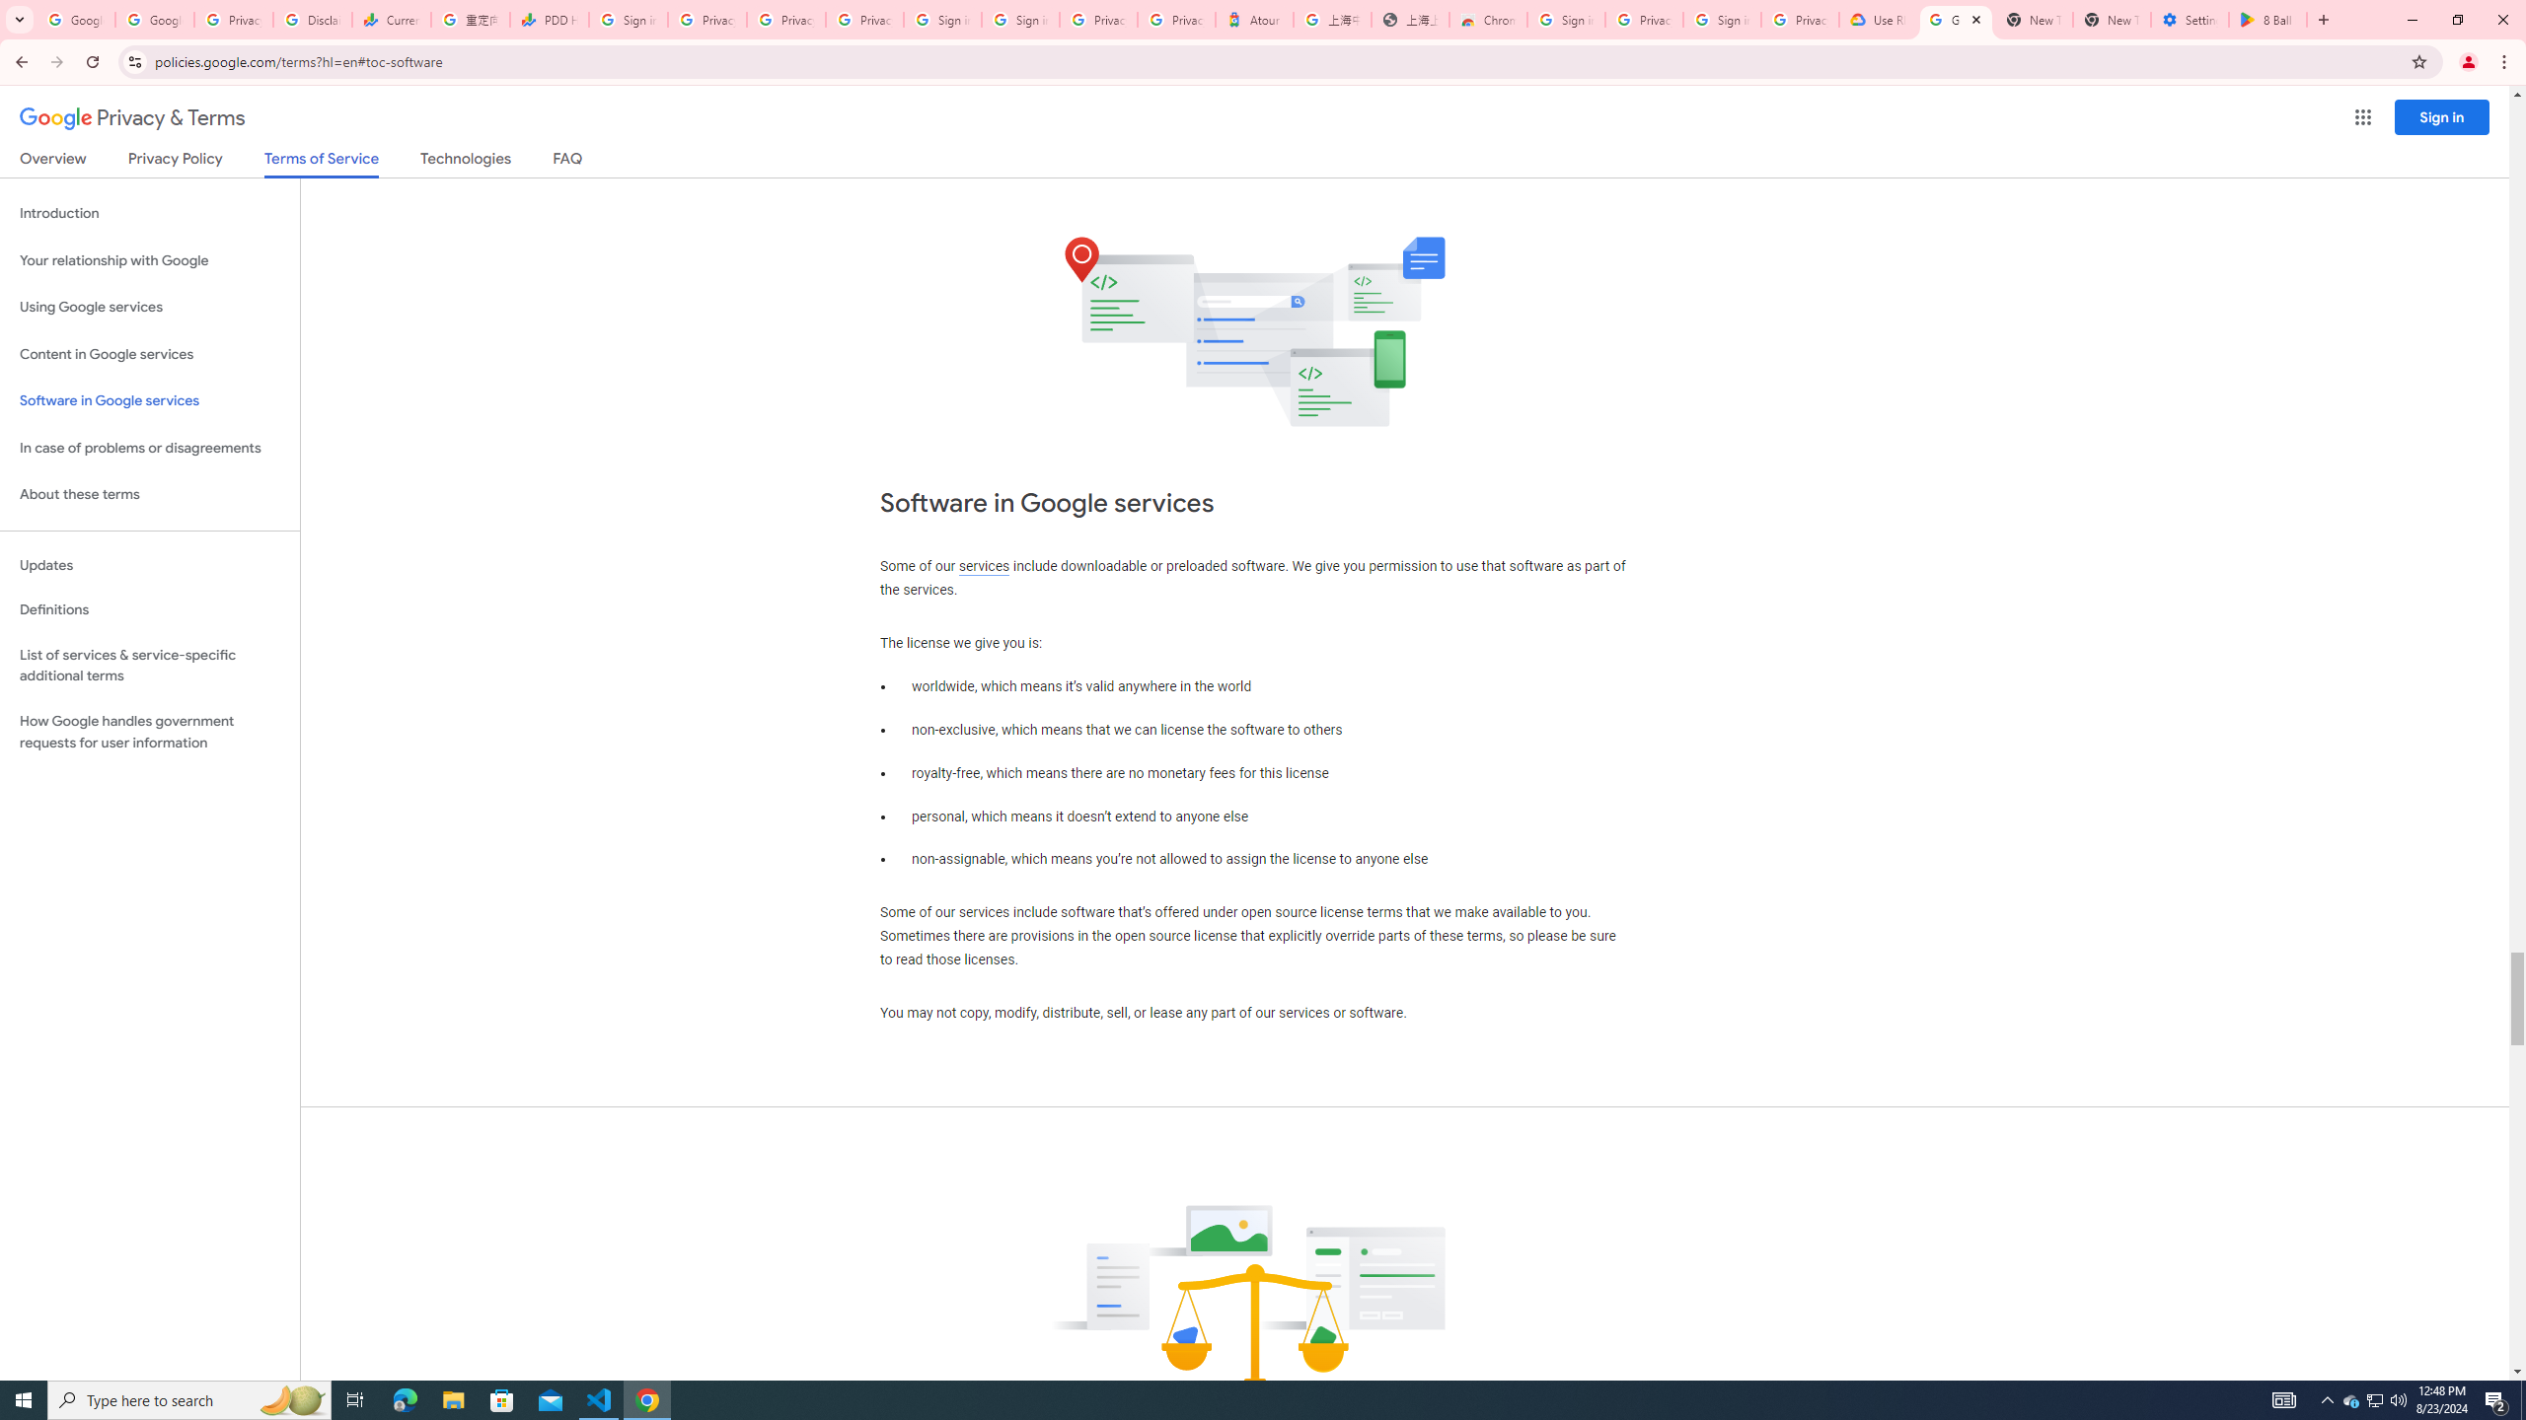 The image size is (2526, 1420). I want to click on 'services', so click(983, 566).